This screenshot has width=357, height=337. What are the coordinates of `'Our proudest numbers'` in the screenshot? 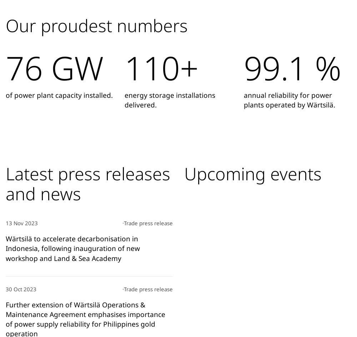 It's located at (97, 25).